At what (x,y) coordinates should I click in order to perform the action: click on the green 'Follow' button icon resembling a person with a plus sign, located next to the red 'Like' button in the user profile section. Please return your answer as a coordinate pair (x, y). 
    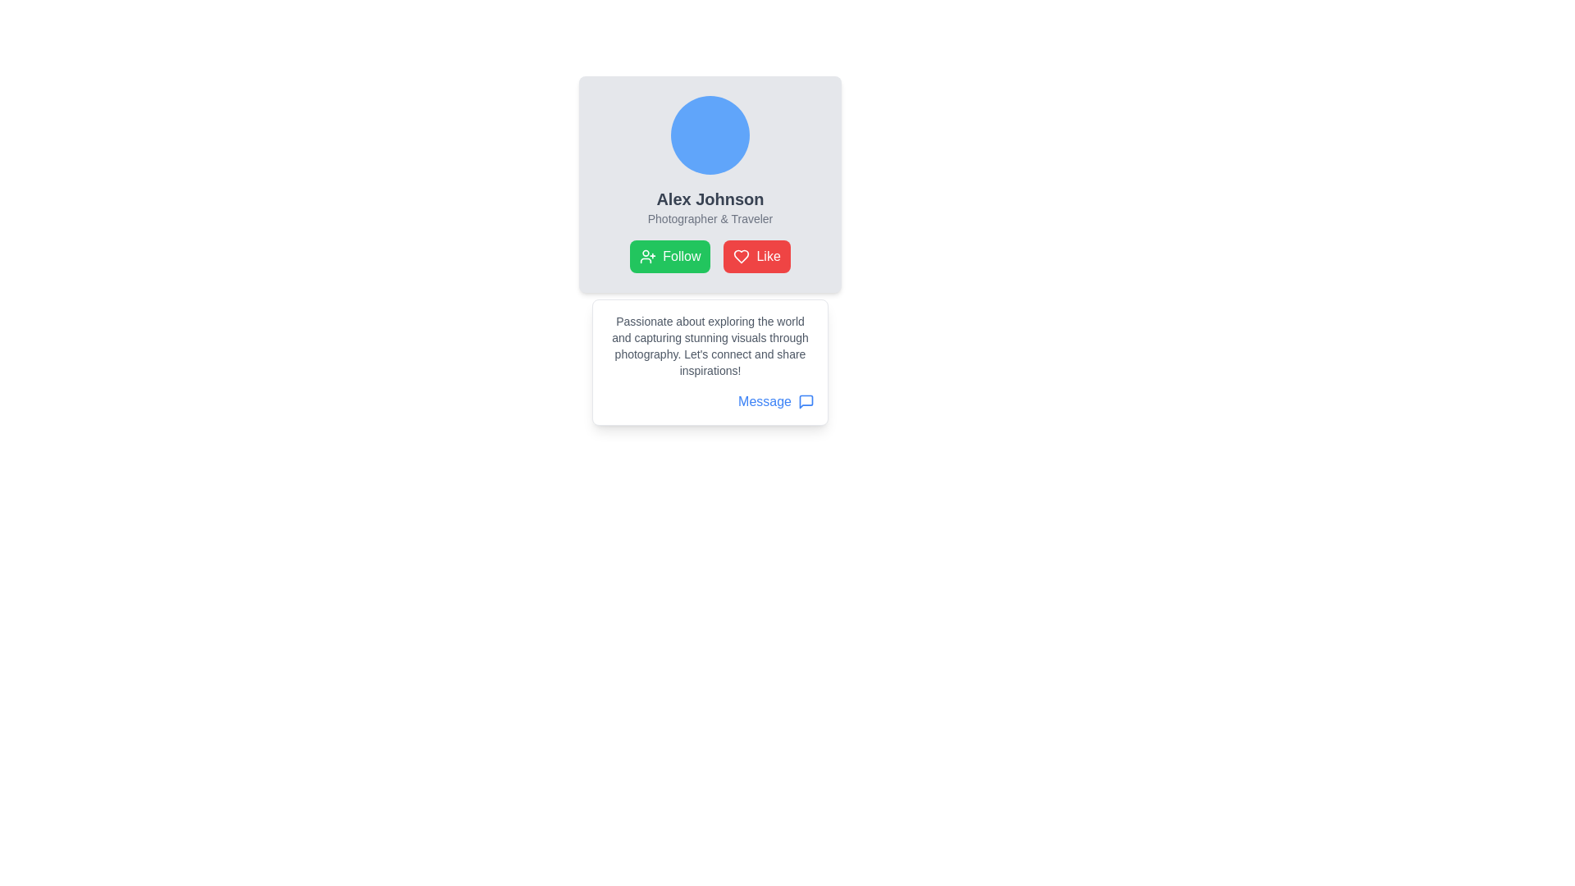
    Looking at the image, I should click on (647, 256).